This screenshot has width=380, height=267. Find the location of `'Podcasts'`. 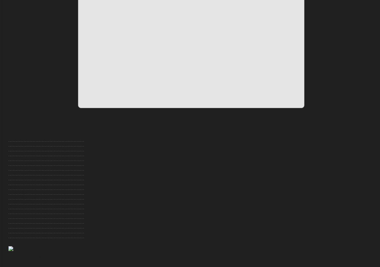

'Podcasts' is located at coordinates (15, 225).